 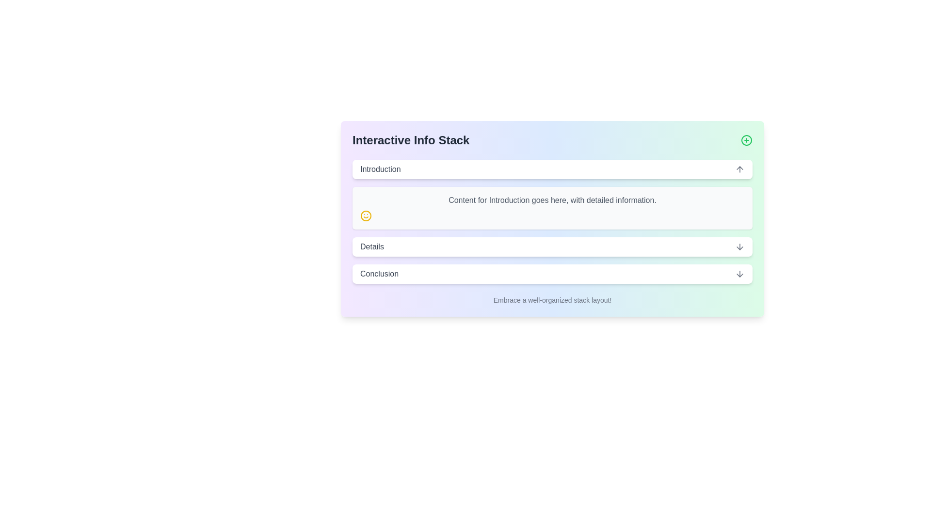 What do you see at coordinates (552, 274) in the screenshot?
I see `the 'Conclusion' button, which is a rectangular button with a white background and rounded corners, located at the bottom of the button stack` at bounding box center [552, 274].